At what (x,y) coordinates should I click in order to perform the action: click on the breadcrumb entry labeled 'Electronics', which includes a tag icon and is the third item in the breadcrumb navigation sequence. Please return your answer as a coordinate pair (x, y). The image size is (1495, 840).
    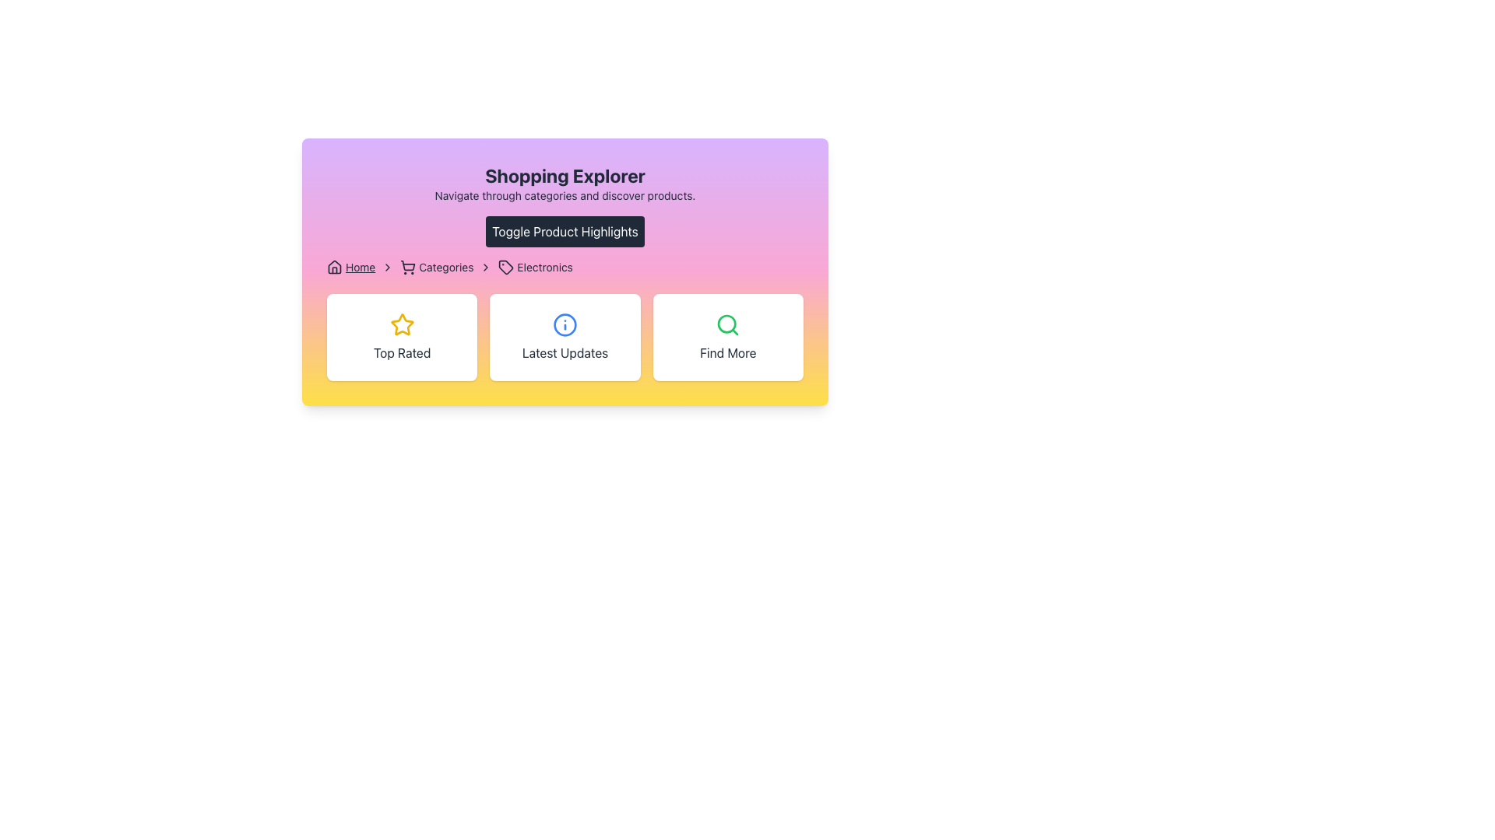
    Looking at the image, I should click on (536, 266).